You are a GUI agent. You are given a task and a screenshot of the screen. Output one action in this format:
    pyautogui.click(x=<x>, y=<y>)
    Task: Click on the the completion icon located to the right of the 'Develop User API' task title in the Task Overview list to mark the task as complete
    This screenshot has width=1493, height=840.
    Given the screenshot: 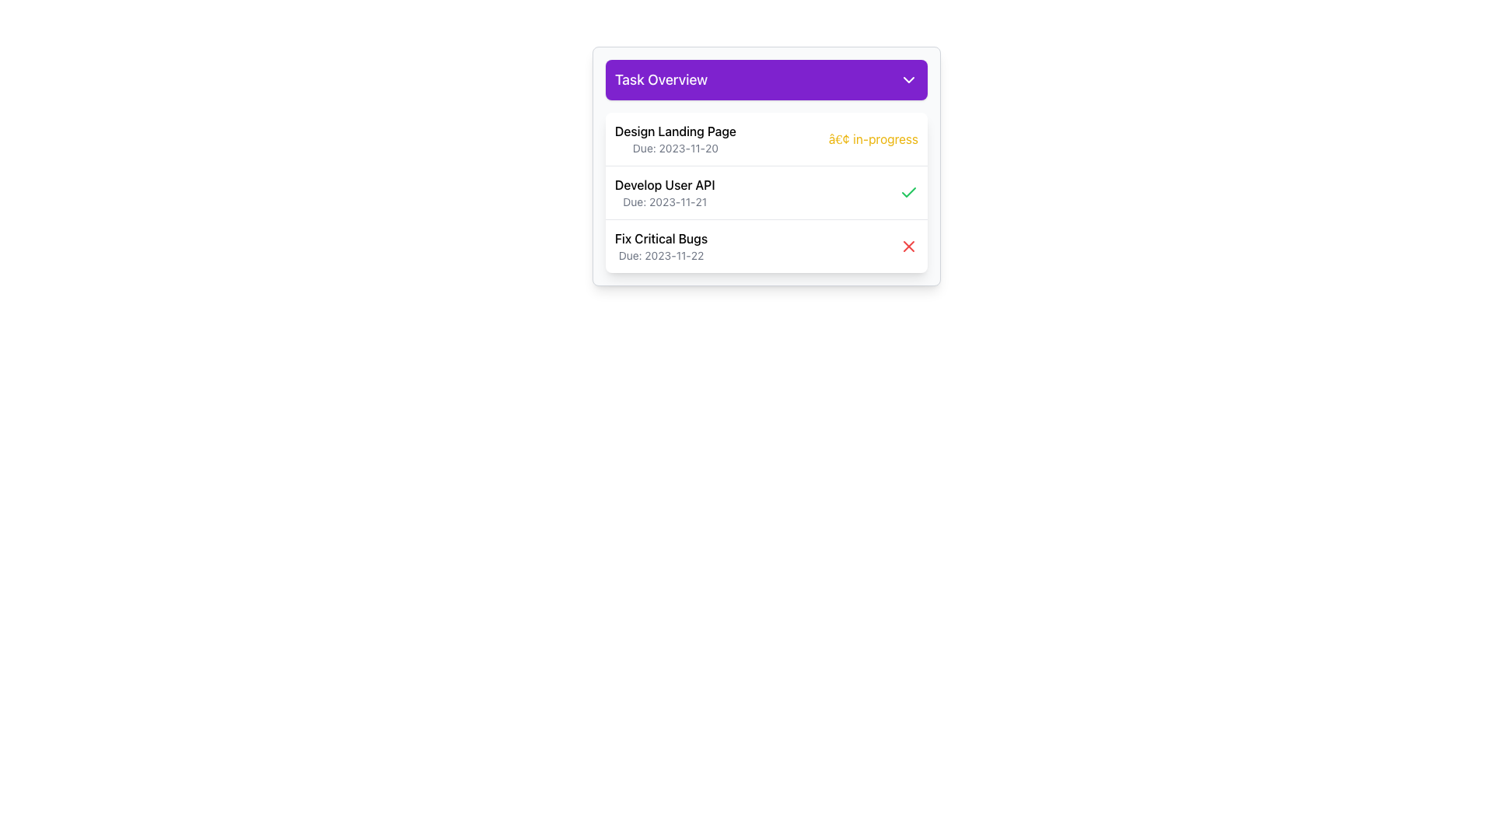 What is the action you would take?
    pyautogui.click(x=909, y=191)
    